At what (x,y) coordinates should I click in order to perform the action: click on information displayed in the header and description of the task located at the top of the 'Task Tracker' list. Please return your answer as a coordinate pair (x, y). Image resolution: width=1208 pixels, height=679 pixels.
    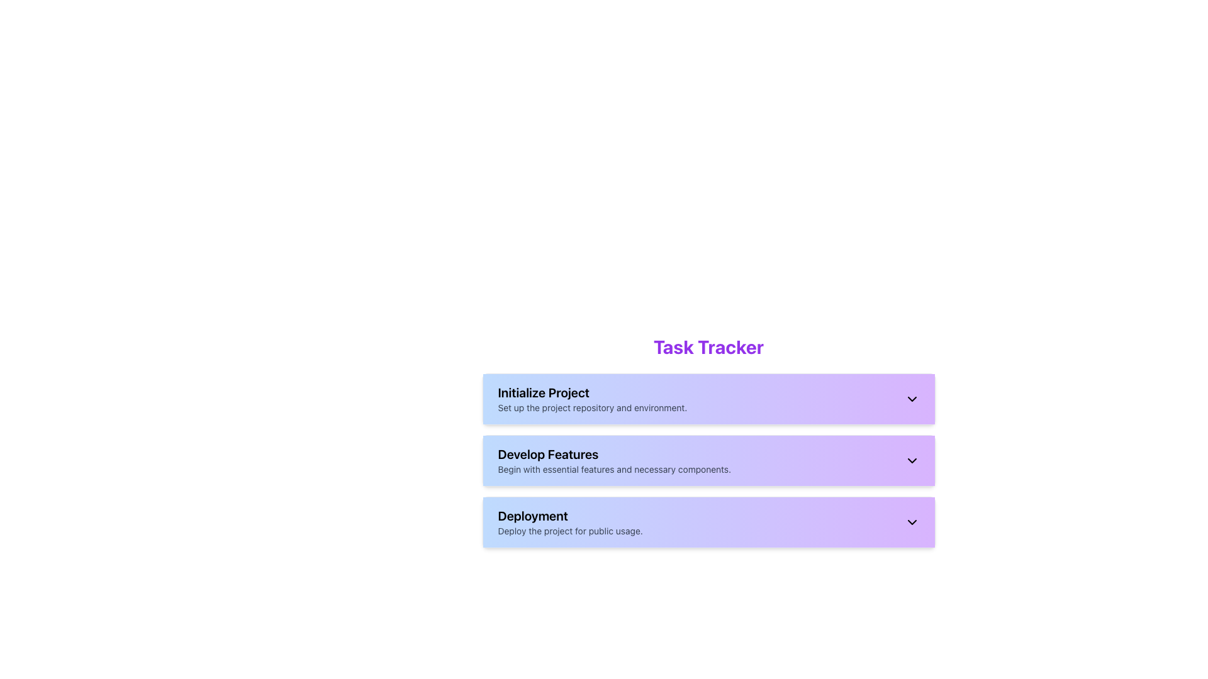
    Looking at the image, I should click on (591, 399).